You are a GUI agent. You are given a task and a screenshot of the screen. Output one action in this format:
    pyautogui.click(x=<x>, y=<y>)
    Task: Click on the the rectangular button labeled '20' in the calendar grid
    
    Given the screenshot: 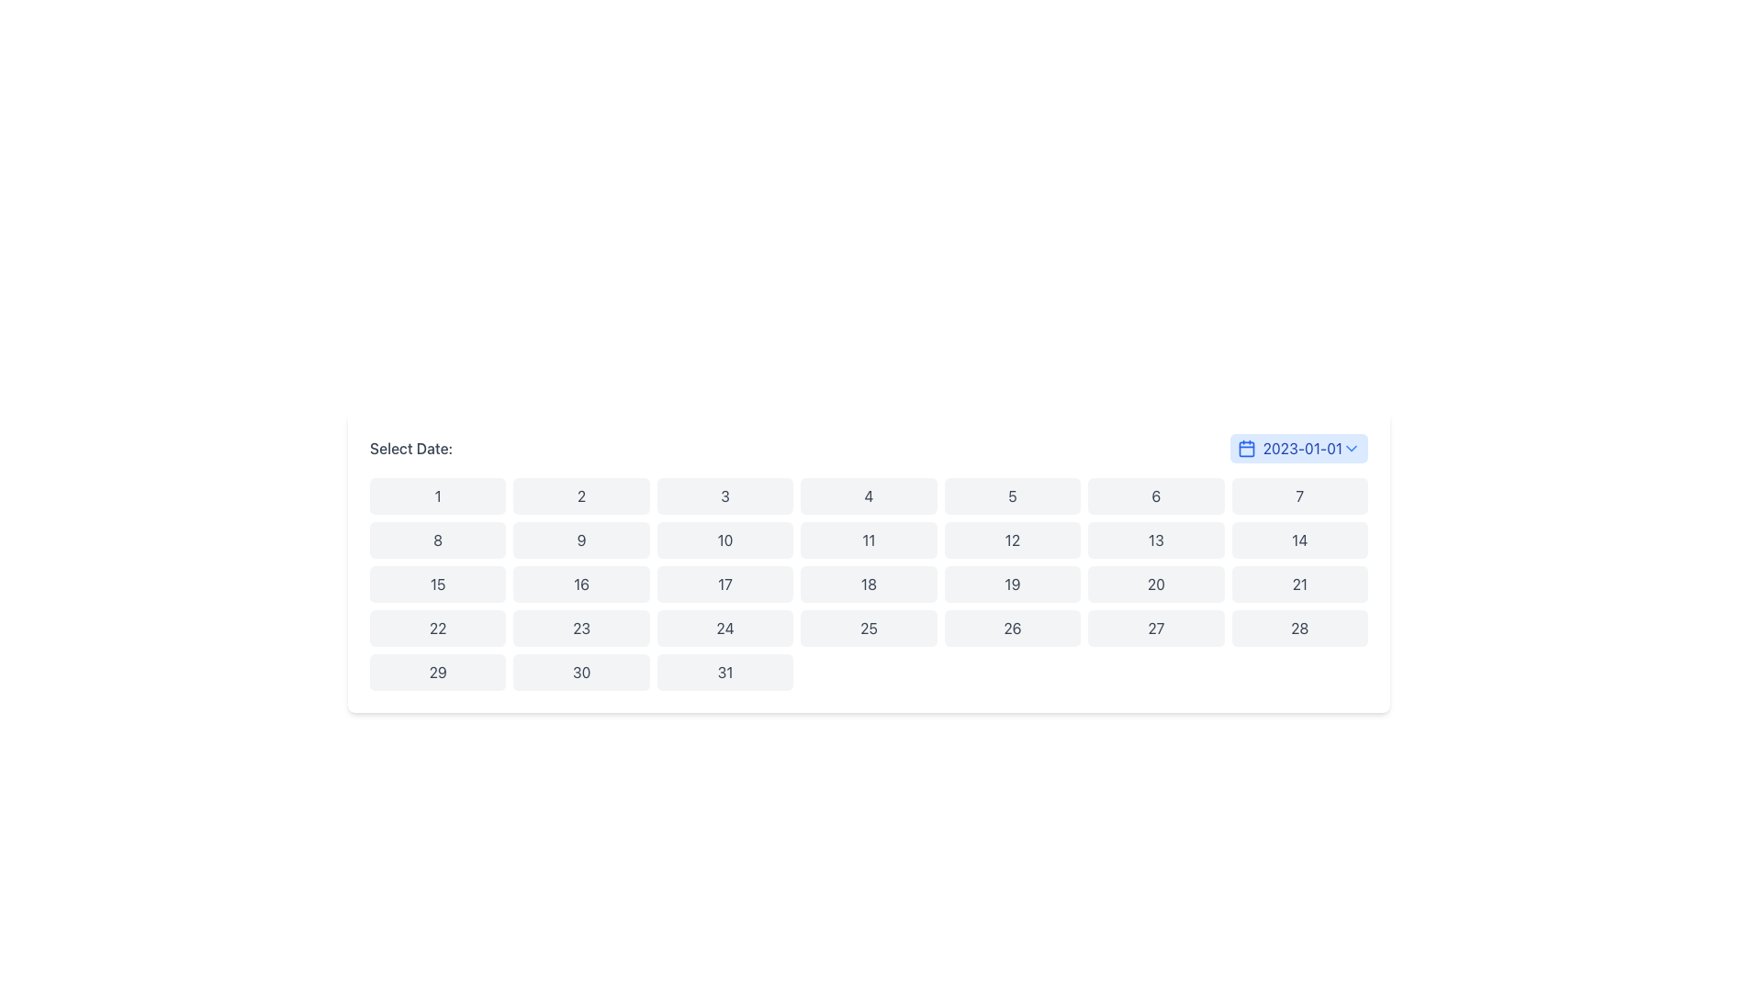 What is the action you would take?
    pyautogui.click(x=1154, y=584)
    